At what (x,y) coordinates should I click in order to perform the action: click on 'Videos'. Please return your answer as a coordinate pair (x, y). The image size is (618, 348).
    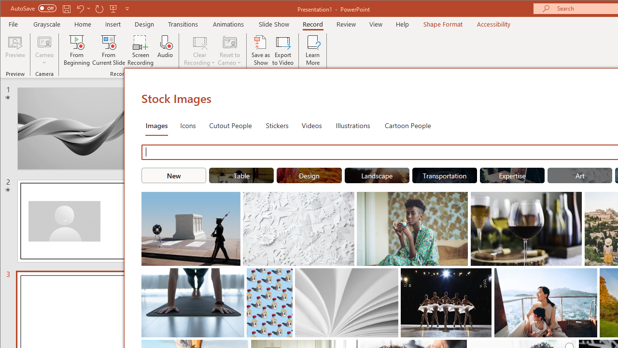
    Looking at the image, I should click on (311, 124).